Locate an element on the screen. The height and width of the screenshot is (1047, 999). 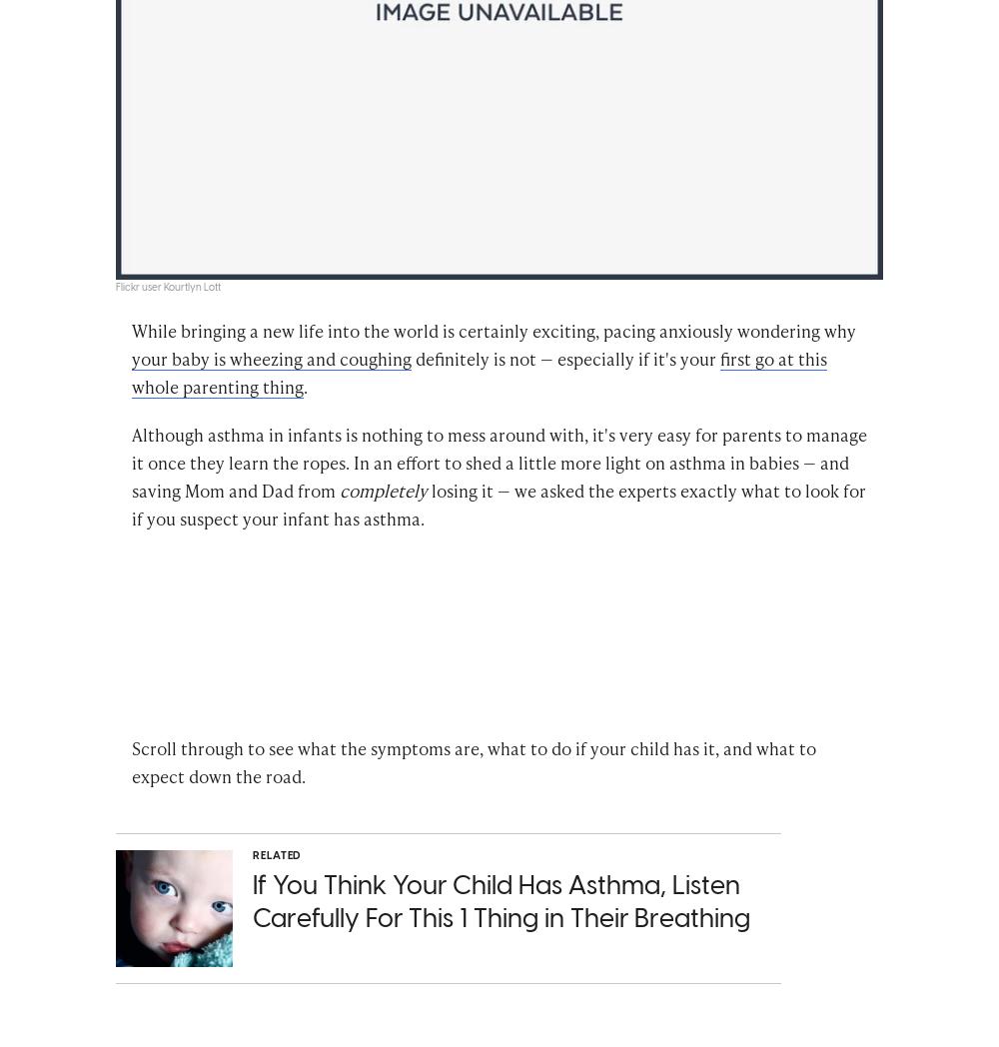
'Related' is located at coordinates (277, 855).